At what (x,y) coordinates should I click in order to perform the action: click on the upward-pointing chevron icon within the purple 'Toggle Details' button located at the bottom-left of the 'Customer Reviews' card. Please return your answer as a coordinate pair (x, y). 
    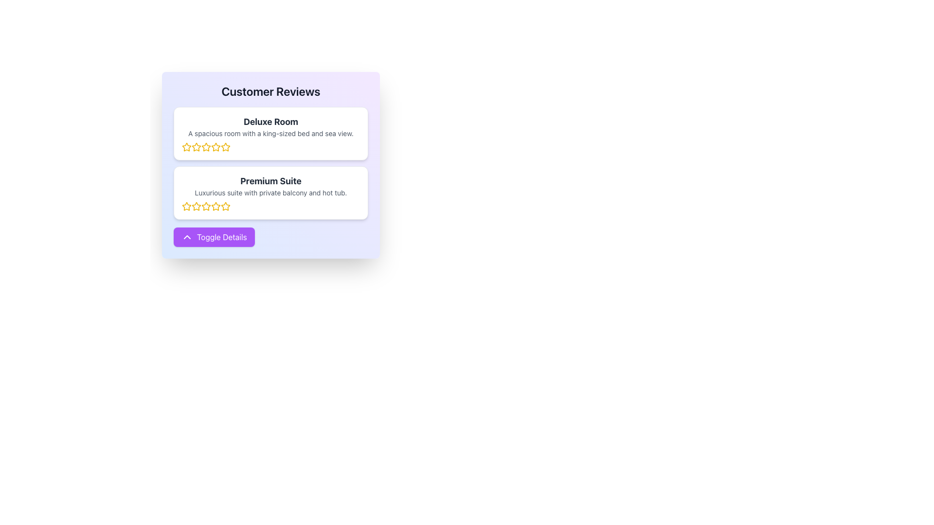
    Looking at the image, I should click on (187, 237).